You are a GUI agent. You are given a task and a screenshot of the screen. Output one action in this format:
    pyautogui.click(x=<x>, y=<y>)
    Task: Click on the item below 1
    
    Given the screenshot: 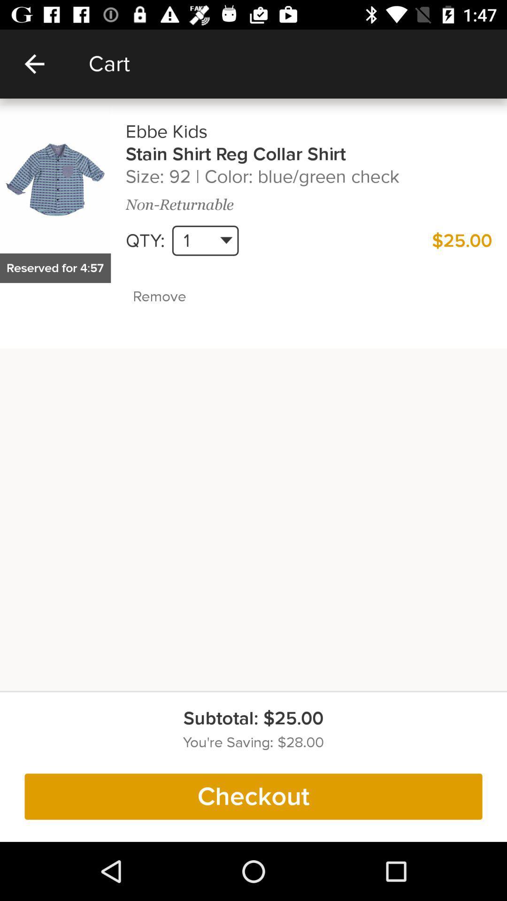 What is the action you would take?
    pyautogui.click(x=180, y=296)
    